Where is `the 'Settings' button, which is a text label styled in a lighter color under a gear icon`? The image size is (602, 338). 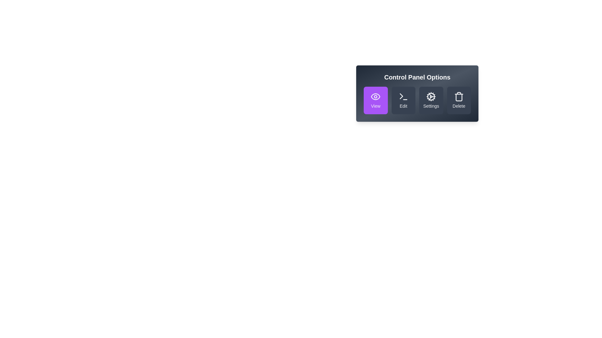 the 'Settings' button, which is a text label styled in a lighter color under a gear icon is located at coordinates (430, 106).